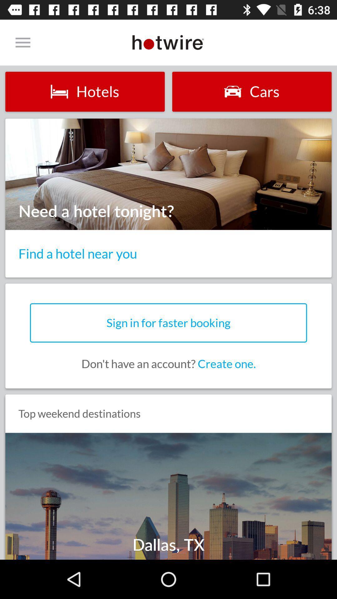 The height and width of the screenshot is (599, 337). What do you see at coordinates (168, 364) in the screenshot?
I see `the don t have icon` at bounding box center [168, 364].